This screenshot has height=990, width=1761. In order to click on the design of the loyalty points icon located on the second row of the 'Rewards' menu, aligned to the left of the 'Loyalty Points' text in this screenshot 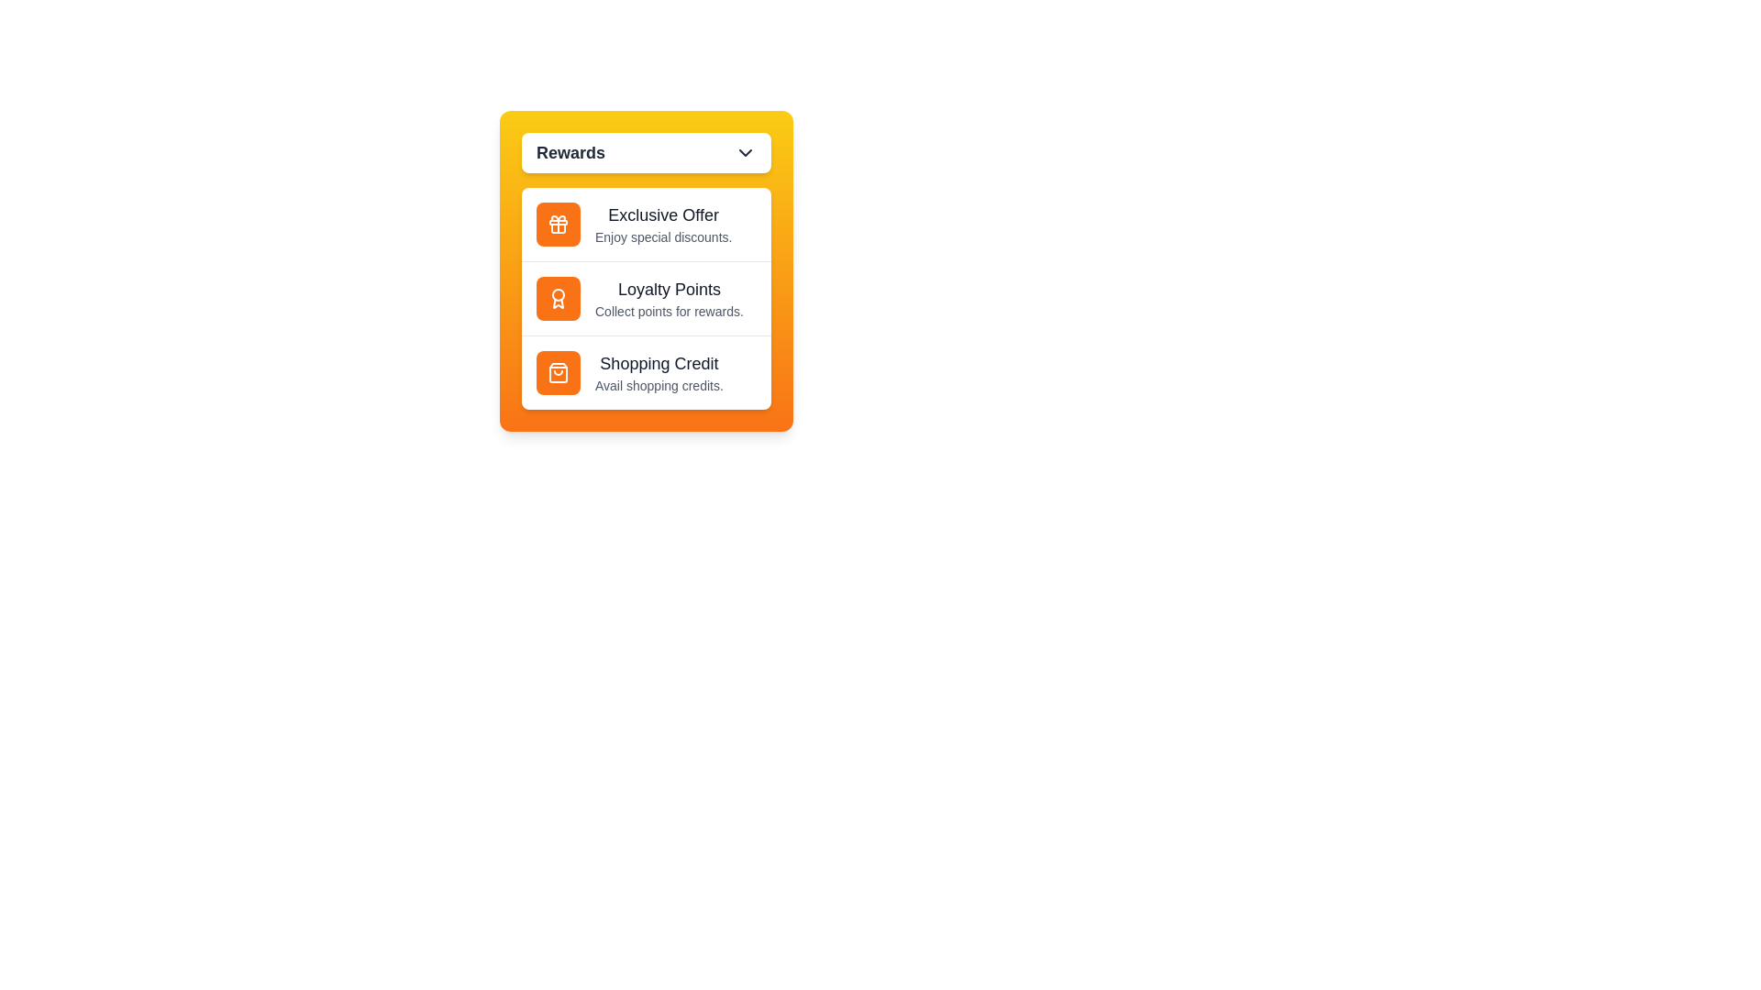, I will do `click(558, 298)`.